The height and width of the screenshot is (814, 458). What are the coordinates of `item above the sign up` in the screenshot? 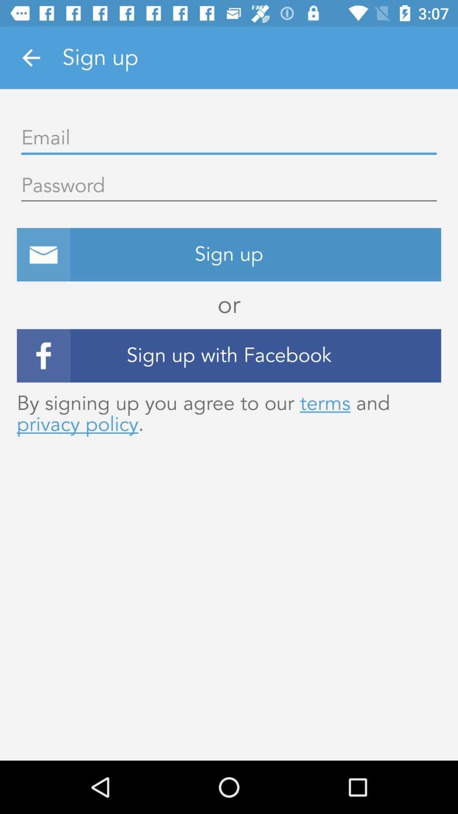 It's located at (229, 186).